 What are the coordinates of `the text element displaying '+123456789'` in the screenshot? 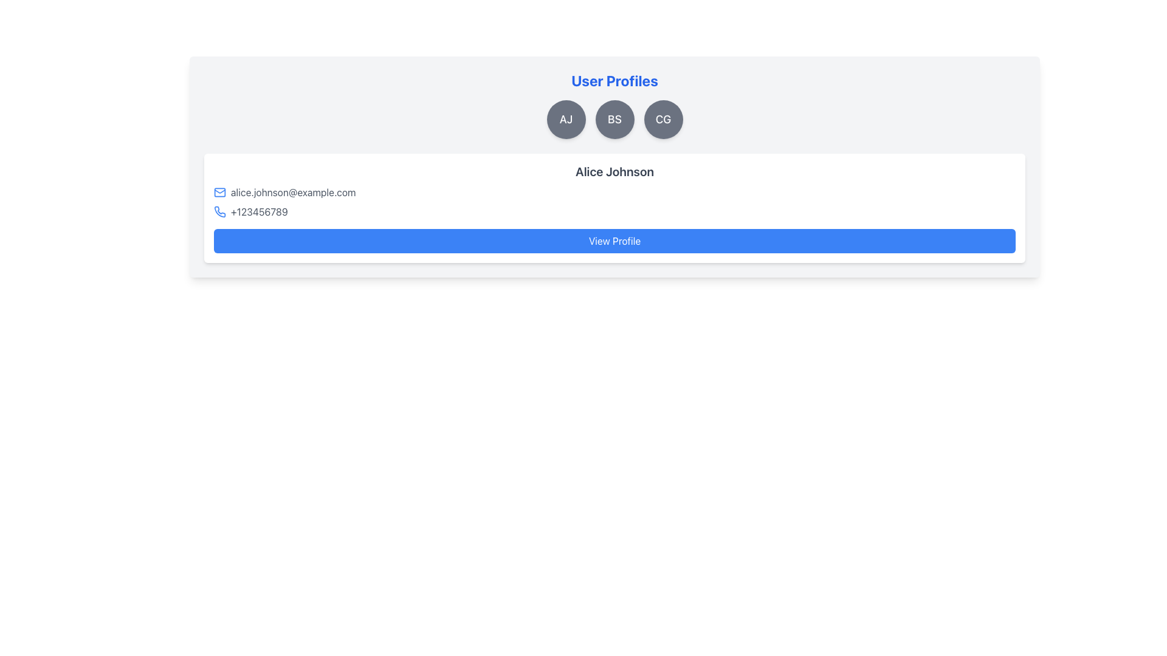 It's located at (258, 211).